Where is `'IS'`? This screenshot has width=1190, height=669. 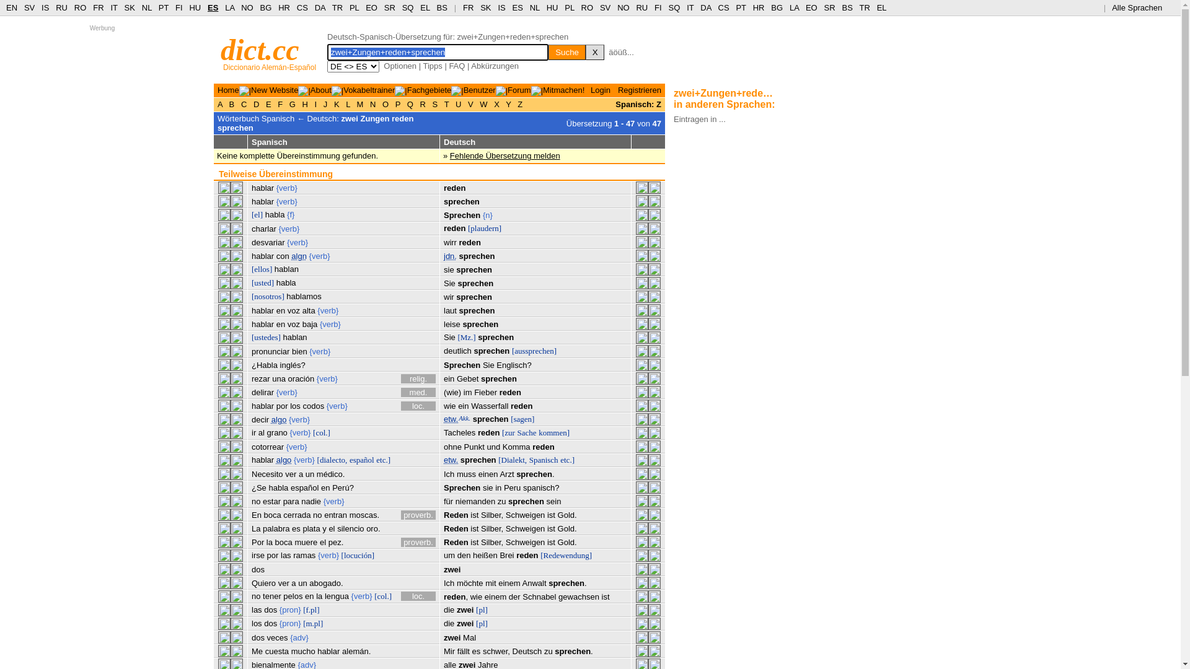
'IS' is located at coordinates (501, 7).